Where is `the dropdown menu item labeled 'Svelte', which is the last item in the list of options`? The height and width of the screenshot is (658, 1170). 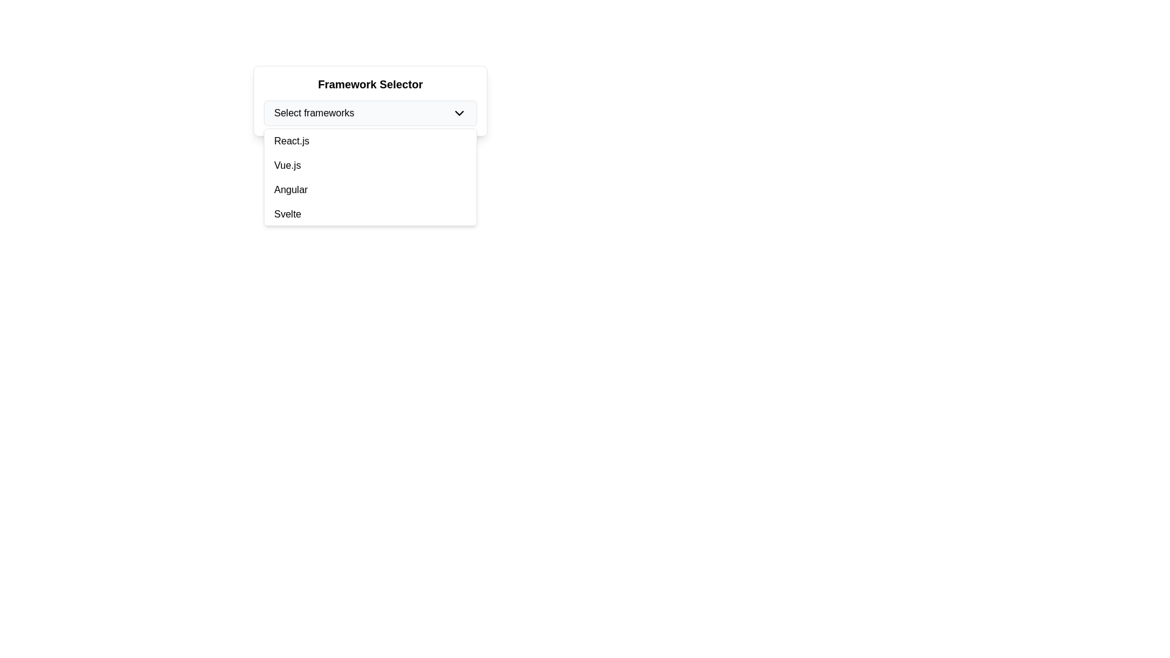
the dropdown menu item labeled 'Svelte', which is the last item in the list of options is located at coordinates (370, 213).